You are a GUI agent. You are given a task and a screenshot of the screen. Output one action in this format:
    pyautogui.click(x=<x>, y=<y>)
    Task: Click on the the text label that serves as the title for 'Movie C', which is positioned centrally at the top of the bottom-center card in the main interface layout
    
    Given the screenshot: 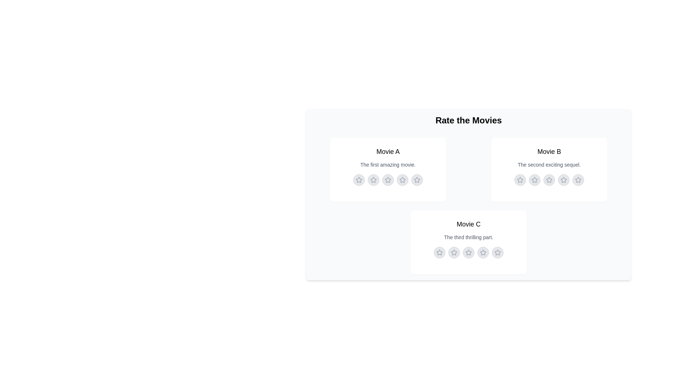 What is the action you would take?
    pyautogui.click(x=469, y=224)
    